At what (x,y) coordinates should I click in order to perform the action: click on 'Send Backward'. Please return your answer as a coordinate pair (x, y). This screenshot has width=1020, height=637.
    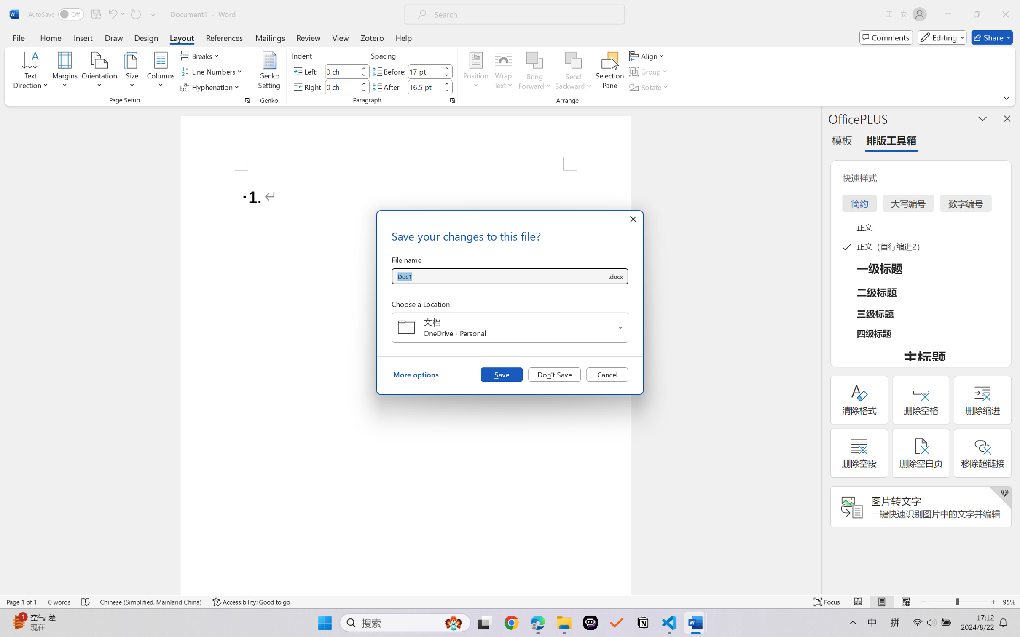
    Looking at the image, I should click on (573, 72).